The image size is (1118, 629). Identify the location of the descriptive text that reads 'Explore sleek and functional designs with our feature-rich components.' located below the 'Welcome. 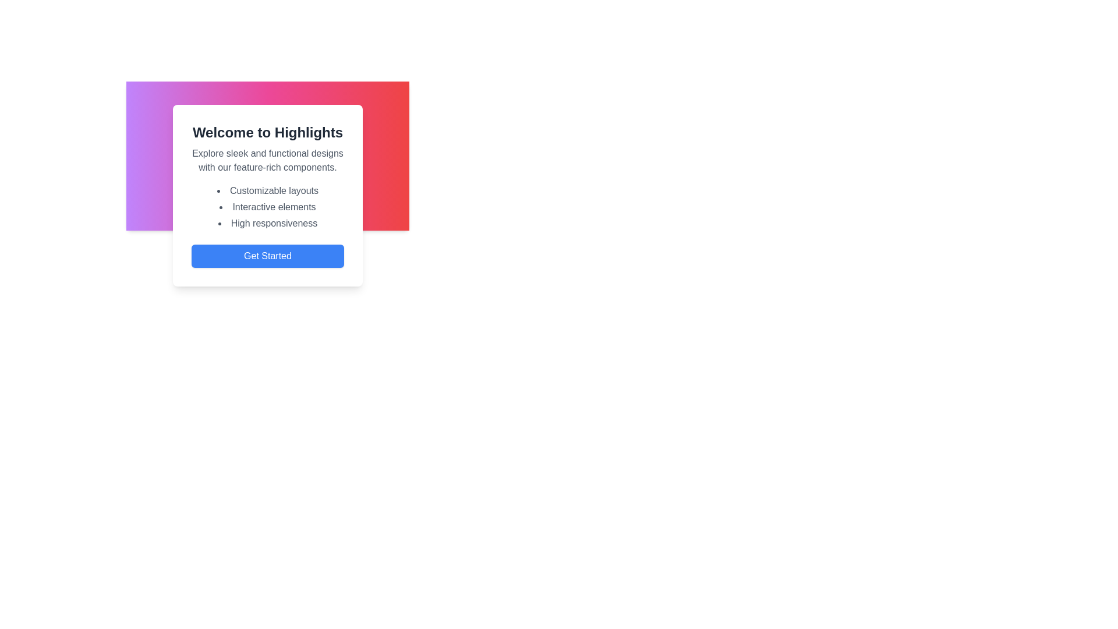
(267, 161).